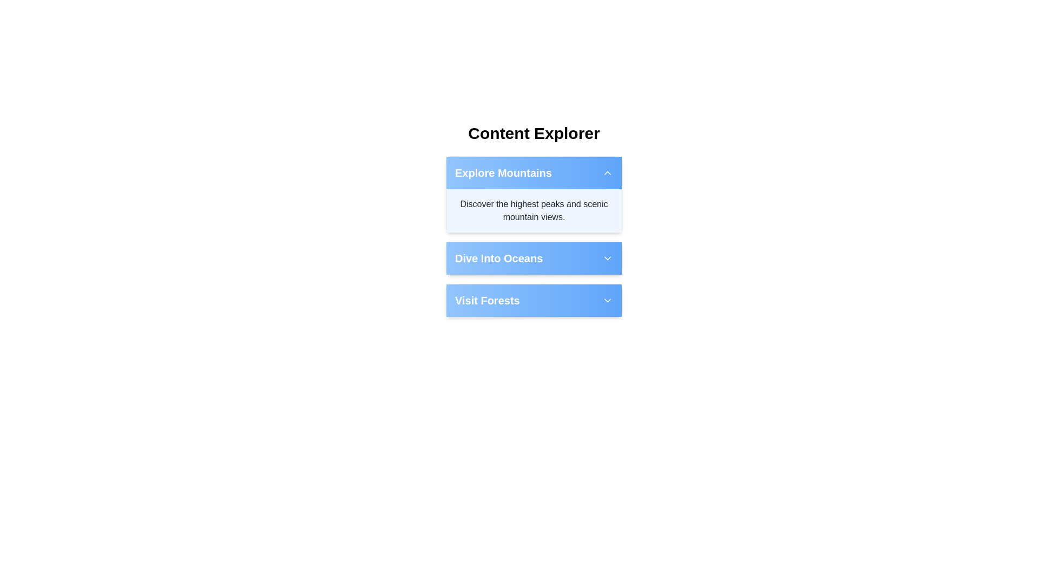 The image size is (1039, 584). What do you see at coordinates (534, 172) in the screenshot?
I see `the Collapsible Section Header for the 'Explore Mountains' section` at bounding box center [534, 172].